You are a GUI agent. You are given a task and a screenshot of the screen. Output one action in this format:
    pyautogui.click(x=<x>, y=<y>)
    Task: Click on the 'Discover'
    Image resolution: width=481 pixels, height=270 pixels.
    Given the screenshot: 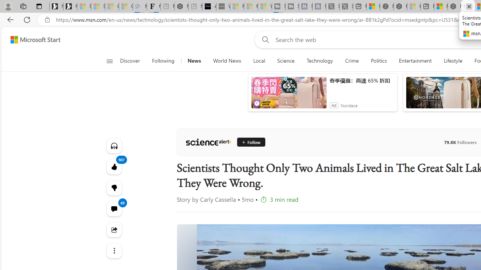 What is the action you would take?
    pyautogui.click(x=130, y=61)
    